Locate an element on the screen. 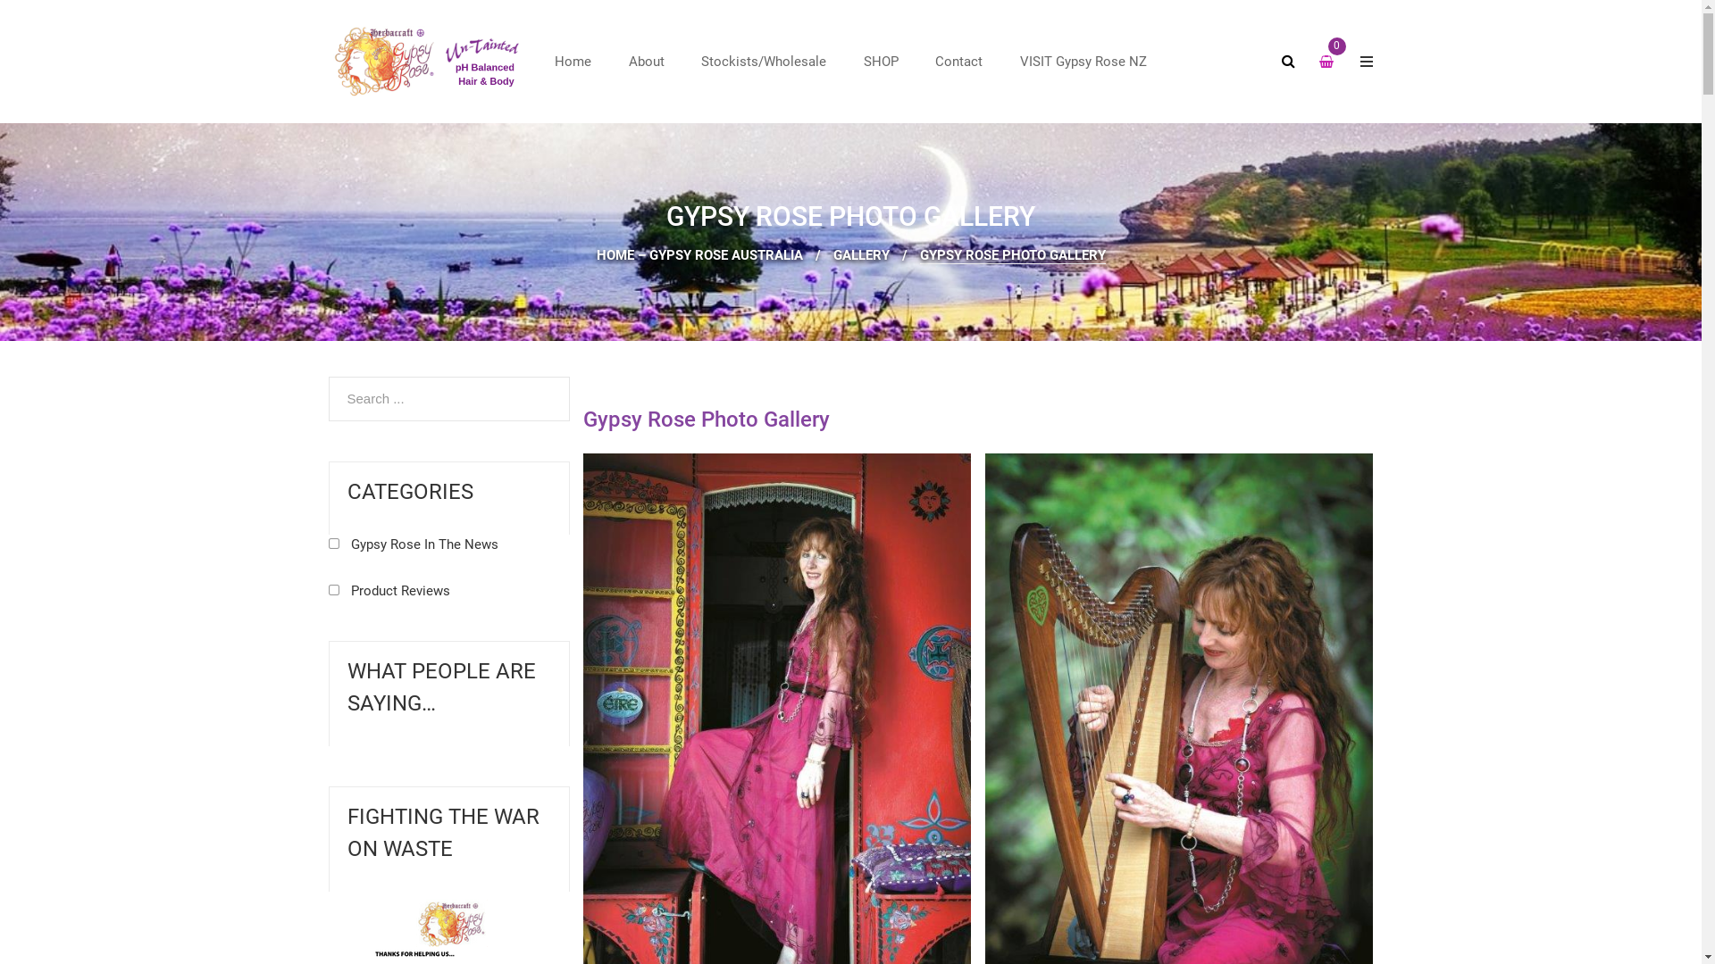 This screenshot has width=1715, height=964. 'GALLERY' is located at coordinates (860, 254).